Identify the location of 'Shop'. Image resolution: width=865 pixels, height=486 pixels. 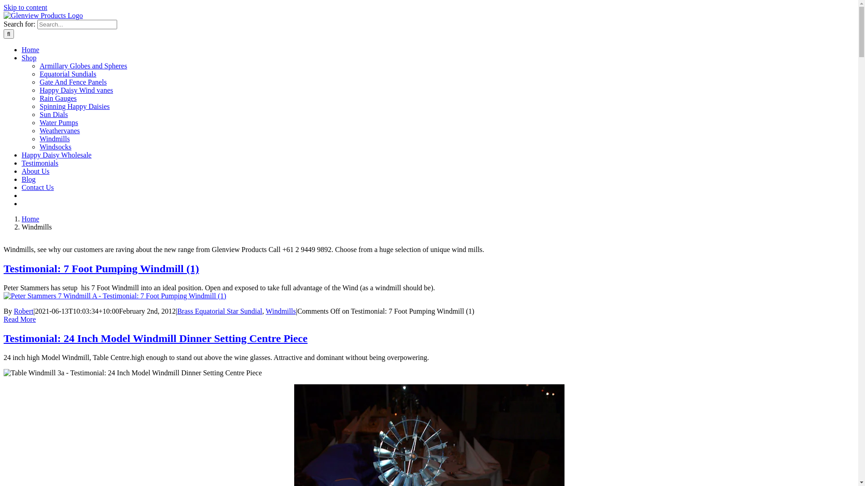
(29, 58).